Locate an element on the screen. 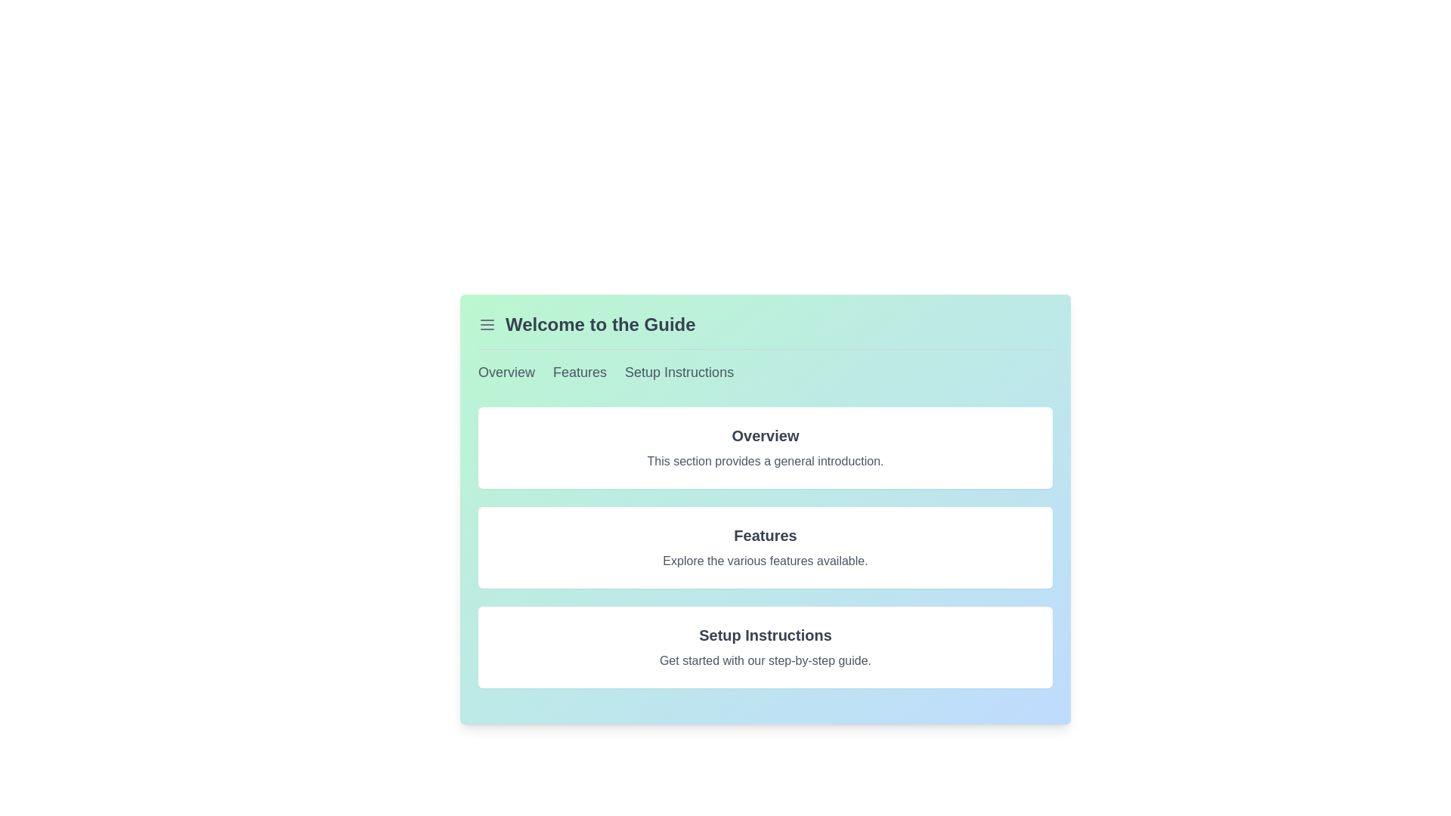  the clickable text link labeled 'Features' located in the navigation bar under 'Welcome to the Guide' is located at coordinates (579, 372).